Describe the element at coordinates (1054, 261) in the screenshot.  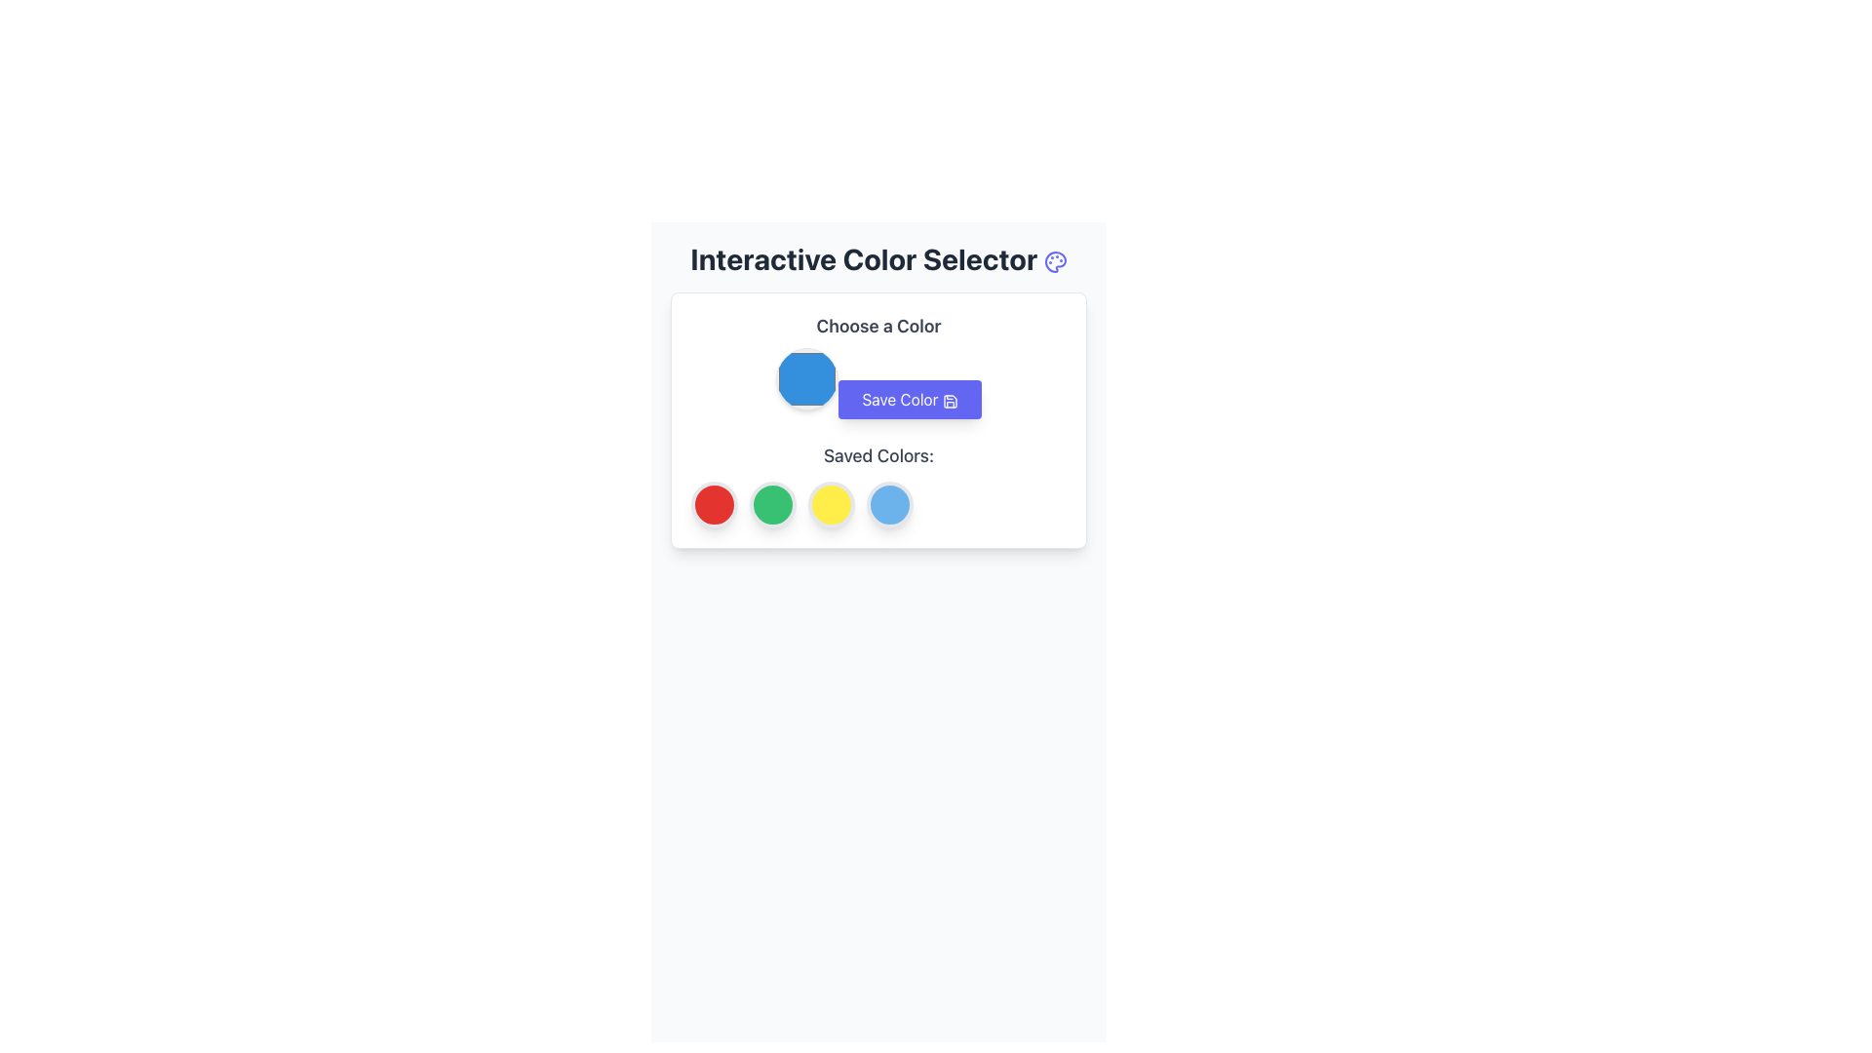
I see `the vibrant indigo circular palette icon located directly to the right of the 'Interactive Color Selector' title` at that location.